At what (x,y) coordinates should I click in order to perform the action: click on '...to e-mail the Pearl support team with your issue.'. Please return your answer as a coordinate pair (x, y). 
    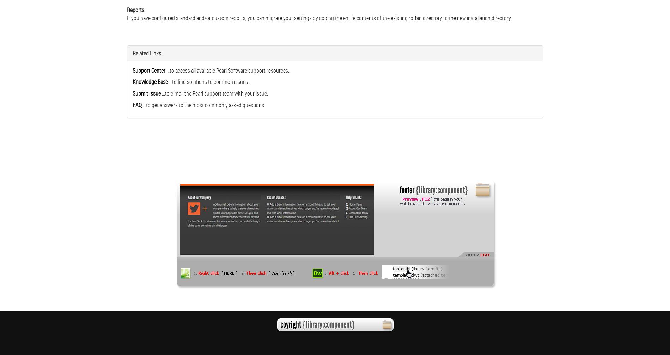
    Looking at the image, I should click on (215, 93).